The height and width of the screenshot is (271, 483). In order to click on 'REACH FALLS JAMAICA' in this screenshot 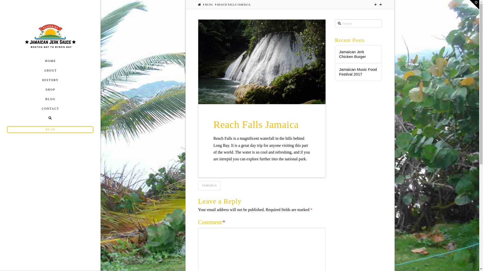, I will do `click(234, 5)`.